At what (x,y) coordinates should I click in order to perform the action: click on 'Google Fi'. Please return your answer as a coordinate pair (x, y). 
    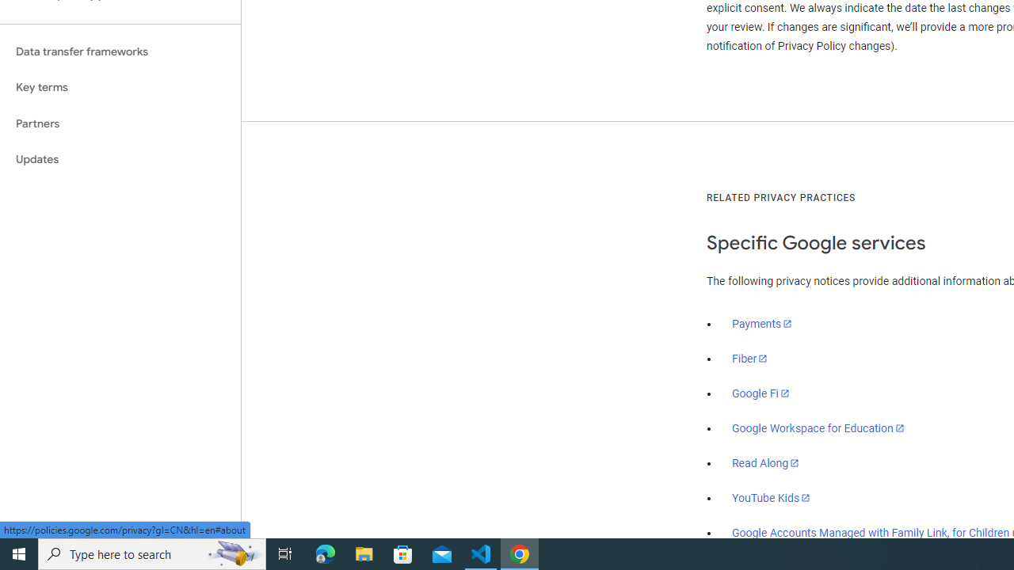
    Looking at the image, I should click on (760, 393).